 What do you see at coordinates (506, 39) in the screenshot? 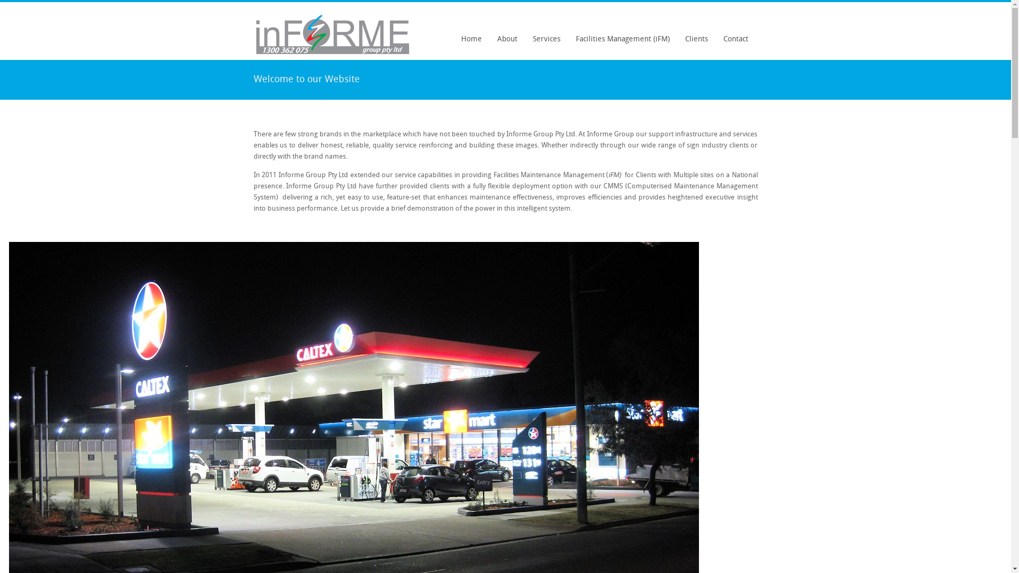
I see `'About'` at bounding box center [506, 39].